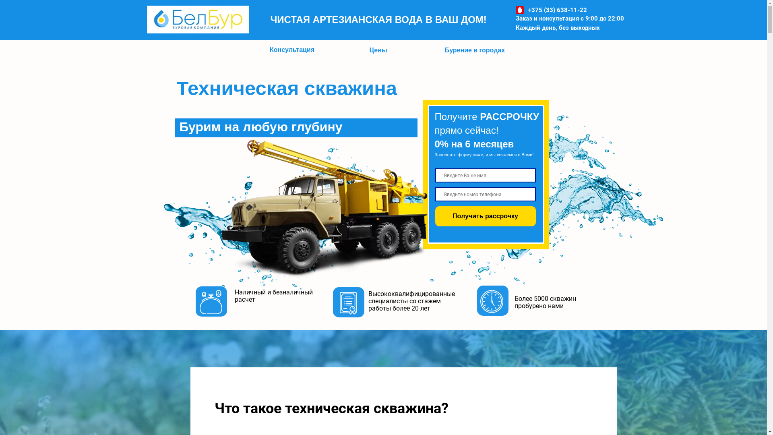 The width and height of the screenshot is (773, 435). What do you see at coordinates (557, 10) in the screenshot?
I see `'+375 (33) 638-11-22'` at bounding box center [557, 10].